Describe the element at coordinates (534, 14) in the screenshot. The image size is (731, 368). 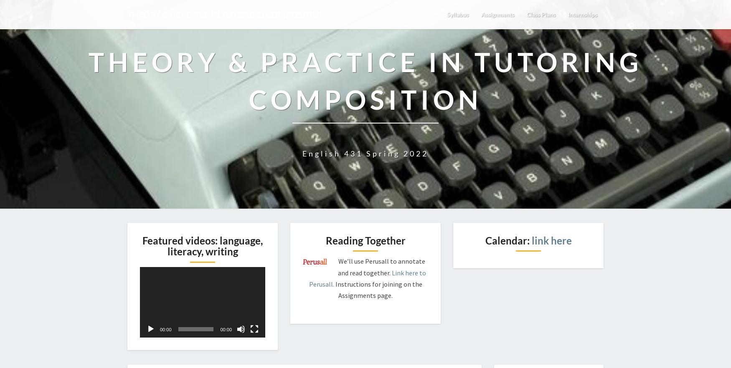
I see `'Class Plans'` at that location.